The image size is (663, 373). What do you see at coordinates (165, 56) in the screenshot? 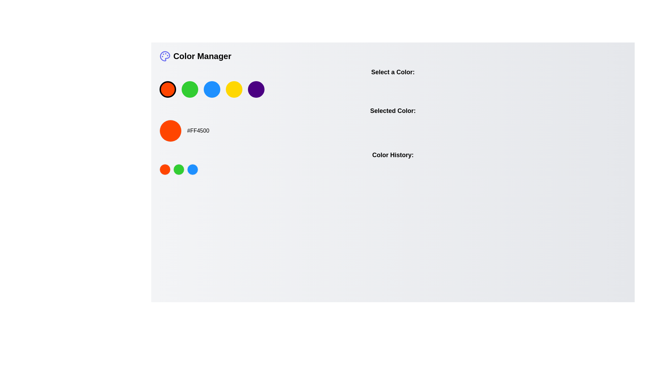
I see `the artist's palette icon, which is styled in text-indigo-500 color and located to the left of the 'Color Manager' text` at bounding box center [165, 56].